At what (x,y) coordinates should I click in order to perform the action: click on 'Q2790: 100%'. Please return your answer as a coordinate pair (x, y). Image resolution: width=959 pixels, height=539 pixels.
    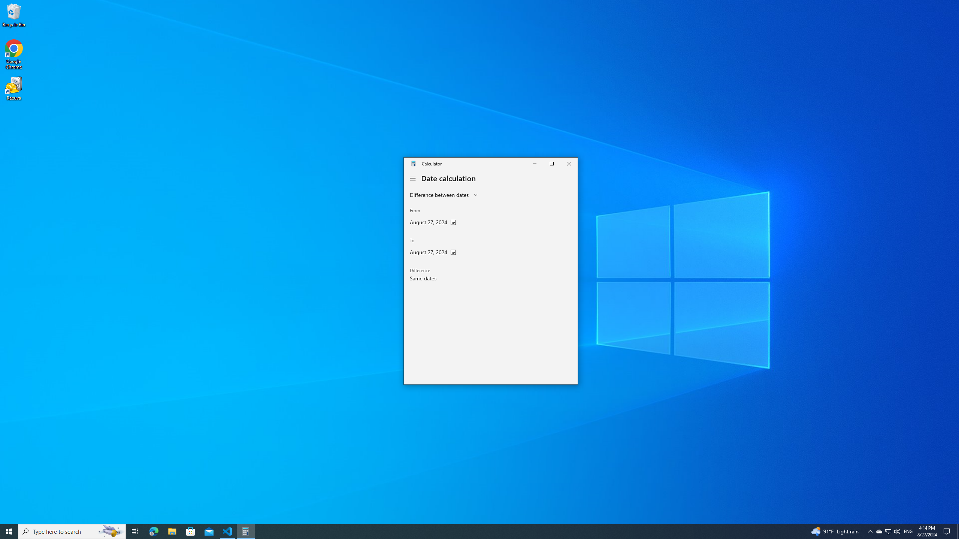
    Looking at the image, I should click on (896, 531).